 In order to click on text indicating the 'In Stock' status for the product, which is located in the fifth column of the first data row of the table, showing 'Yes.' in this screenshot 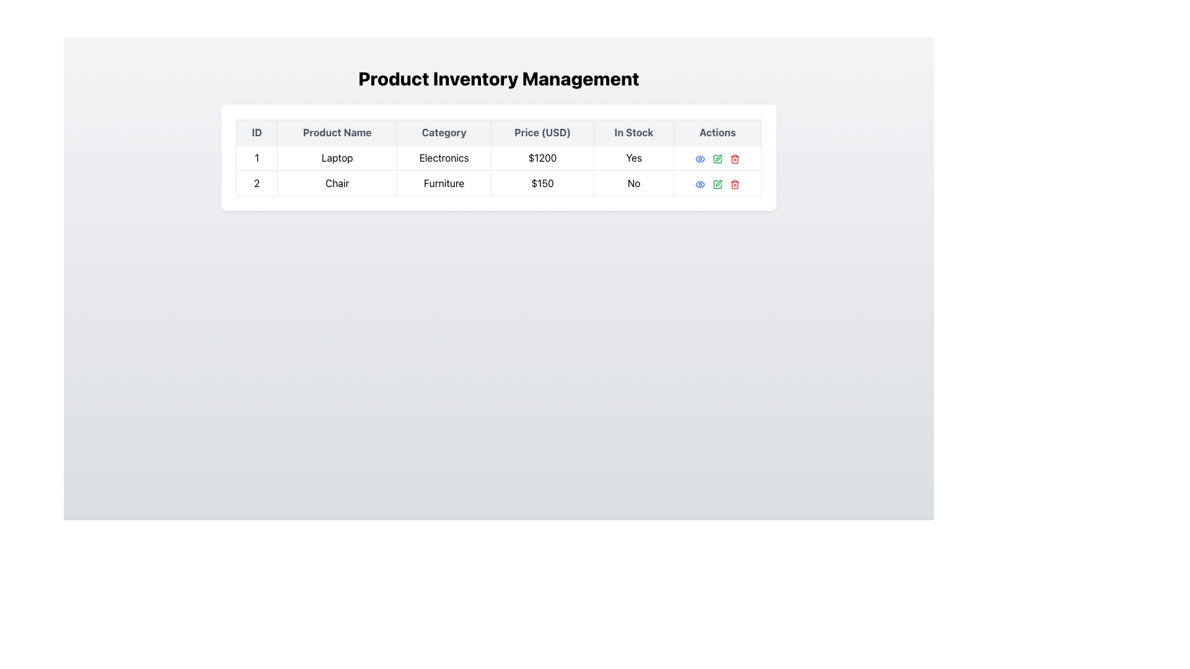, I will do `click(633, 157)`.